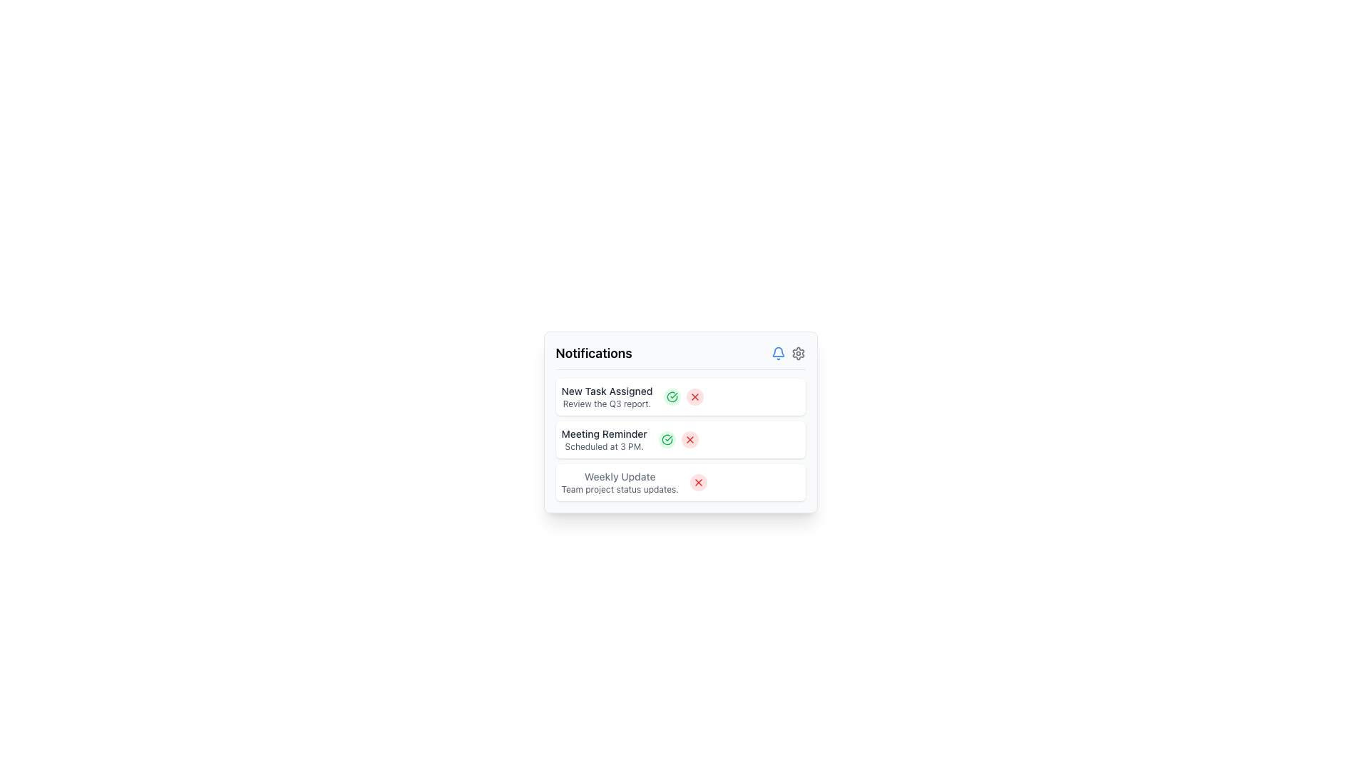  Describe the element at coordinates (689, 439) in the screenshot. I see `the delete button for the 'Meeting Reminder' notification` at that location.